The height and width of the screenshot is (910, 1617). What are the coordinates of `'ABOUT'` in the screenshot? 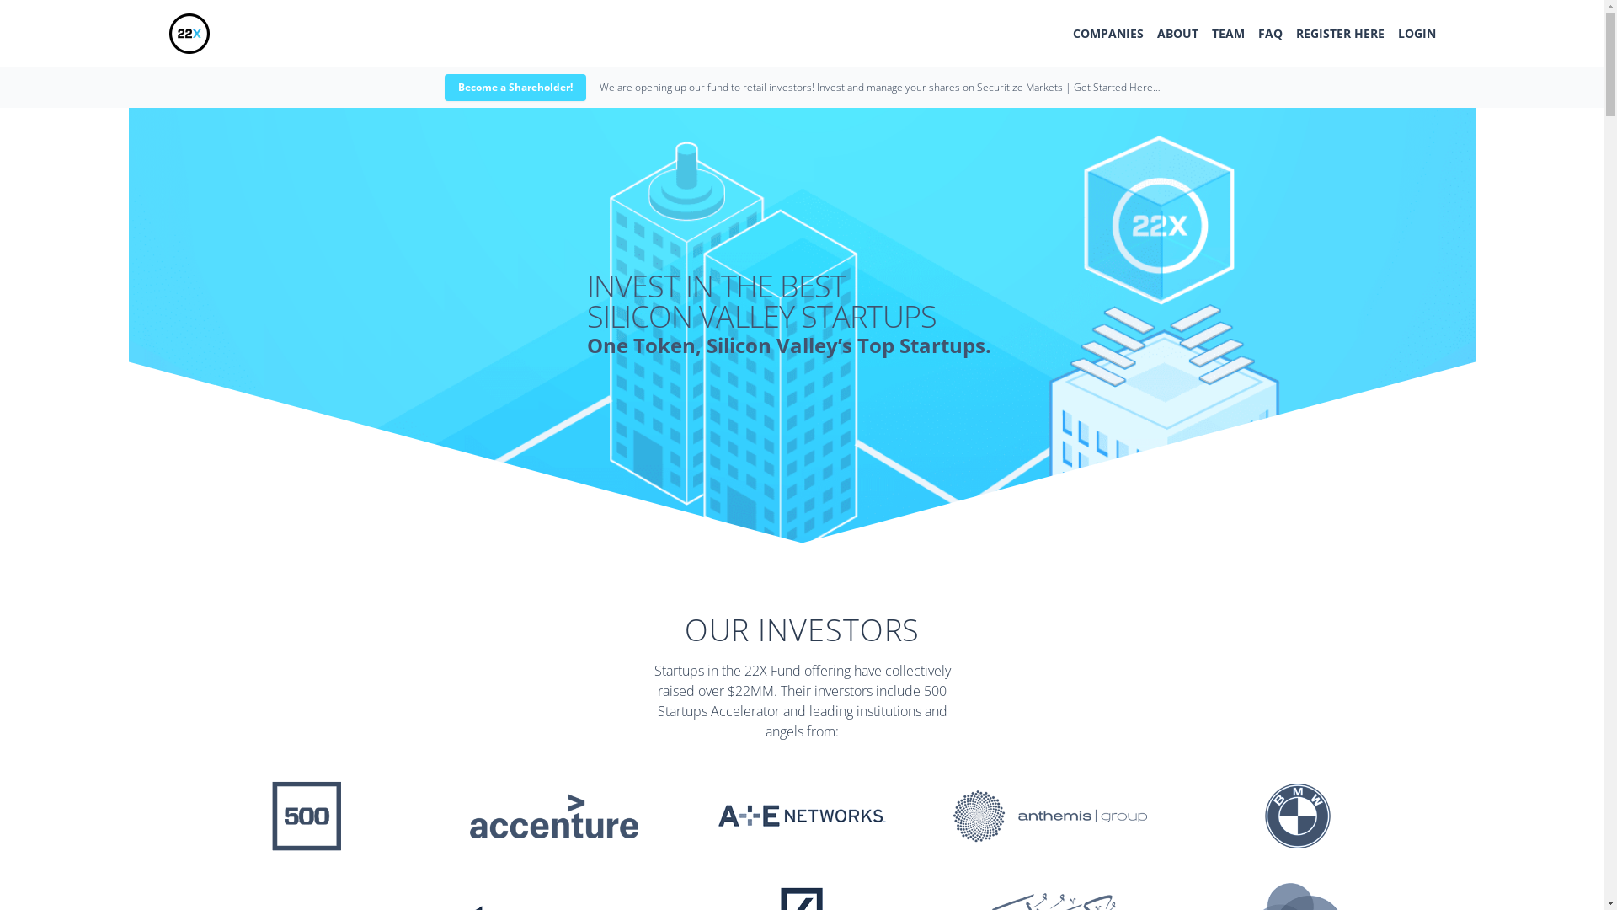 It's located at (1177, 33).